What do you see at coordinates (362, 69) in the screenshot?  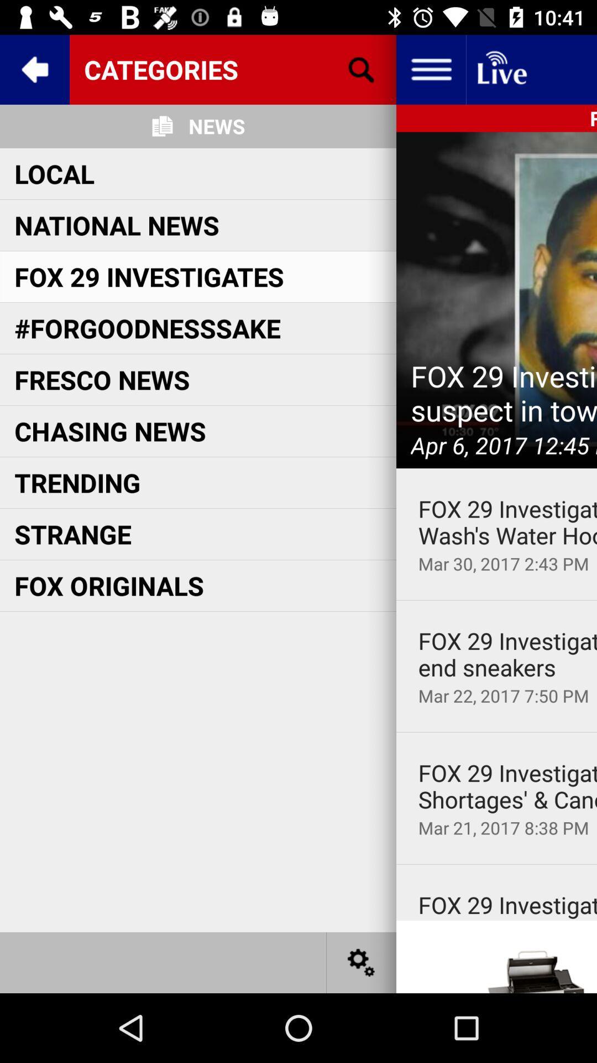 I see `the search icon` at bounding box center [362, 69].